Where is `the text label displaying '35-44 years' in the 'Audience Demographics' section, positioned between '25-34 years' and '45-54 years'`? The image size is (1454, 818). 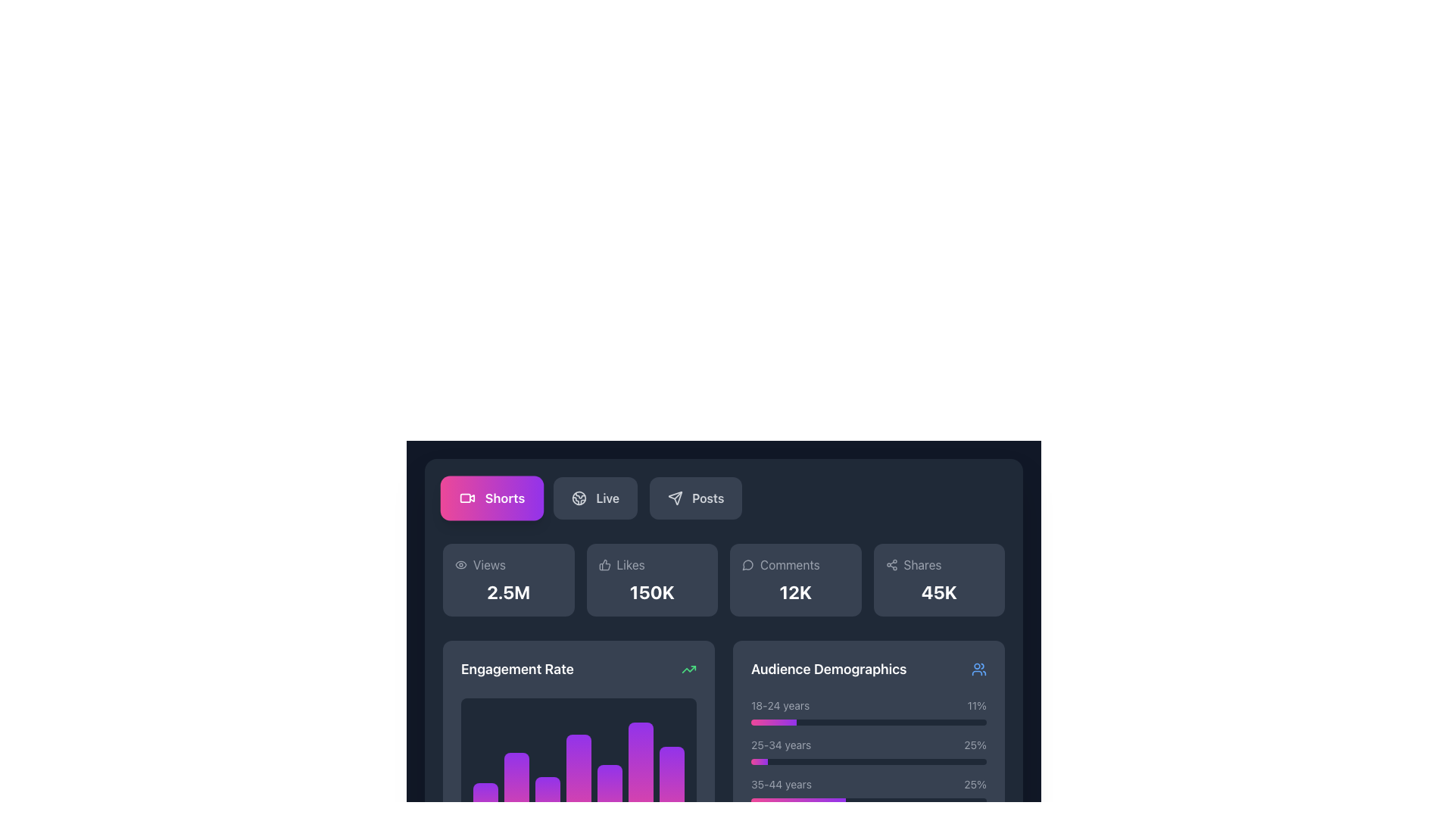 the text label displaying '35-44 years' in the 'Audience Demographics' section, positioned between '25-34 years' and '45-54 years' is located at coordinates (782, 784).